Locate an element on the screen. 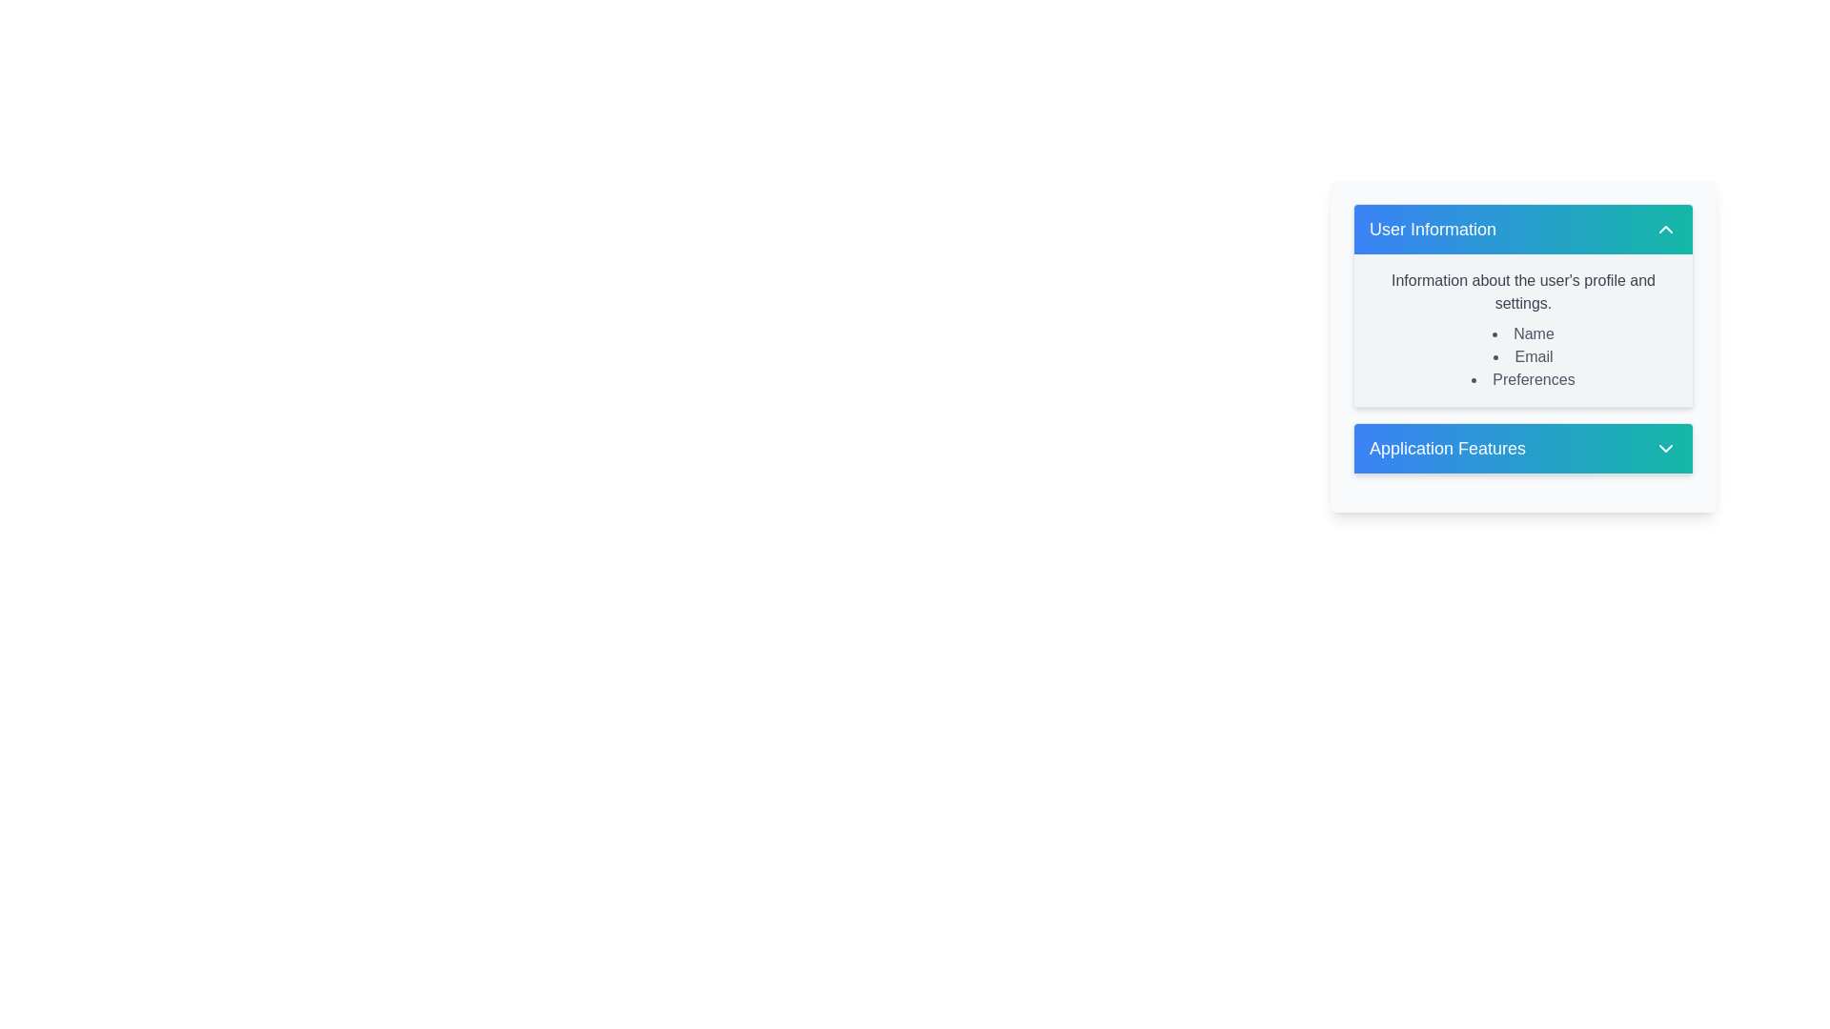 The width and height of the screenshot is (1830, 1029). the 'Preferences' text label located at the bottom of the 'User Information' section, which indicates options for adjusting user settings is located at coordinates (1522, 379).